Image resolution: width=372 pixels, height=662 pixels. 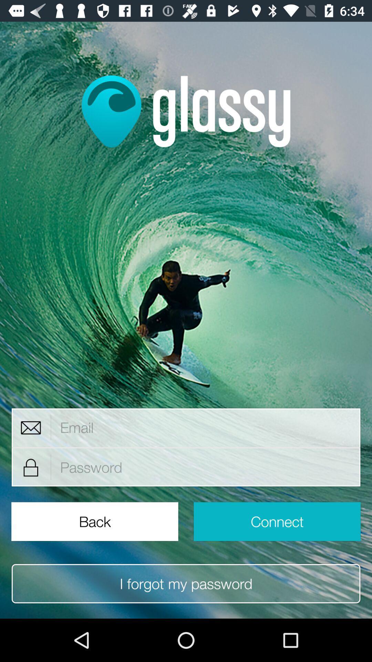 What do you see at coordinates (186, 583) in the screenshot?
I see `i forgot my` at bounding box center [186, 583].